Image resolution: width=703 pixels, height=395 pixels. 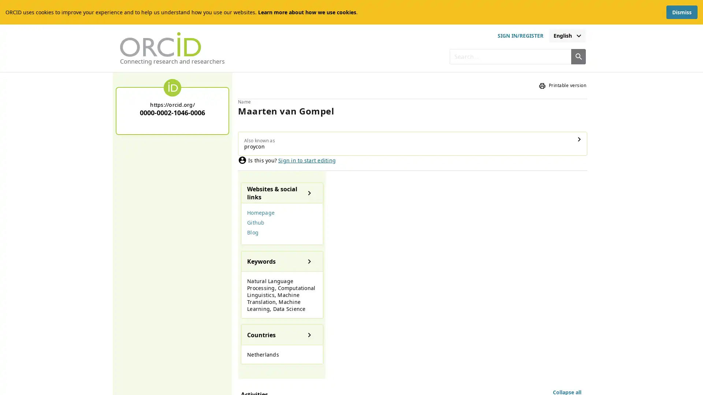 I want to click on Hide details, so click(x=248, y=187).